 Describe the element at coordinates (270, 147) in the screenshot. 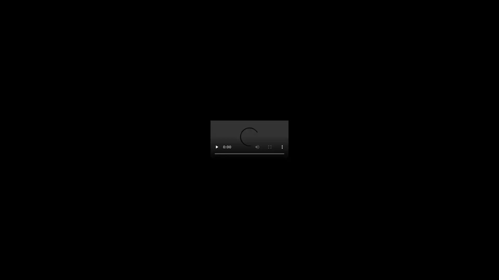

I see `enter full screen` at that location.